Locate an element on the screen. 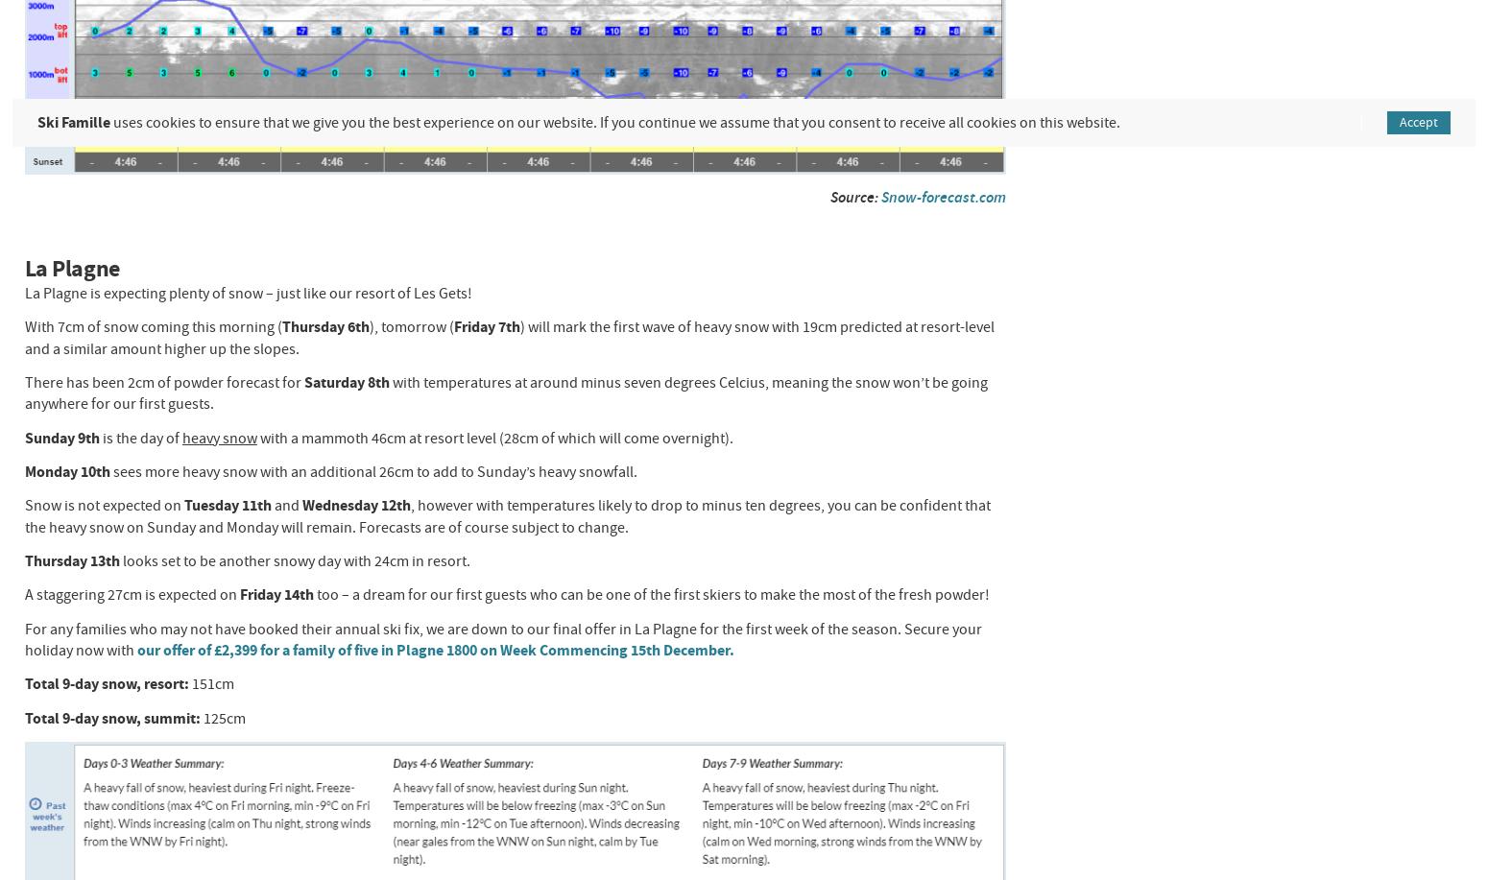 The height and width of the screenshot is (880, 1488). 'Monday 10th' is located at coordinates (66, 469).